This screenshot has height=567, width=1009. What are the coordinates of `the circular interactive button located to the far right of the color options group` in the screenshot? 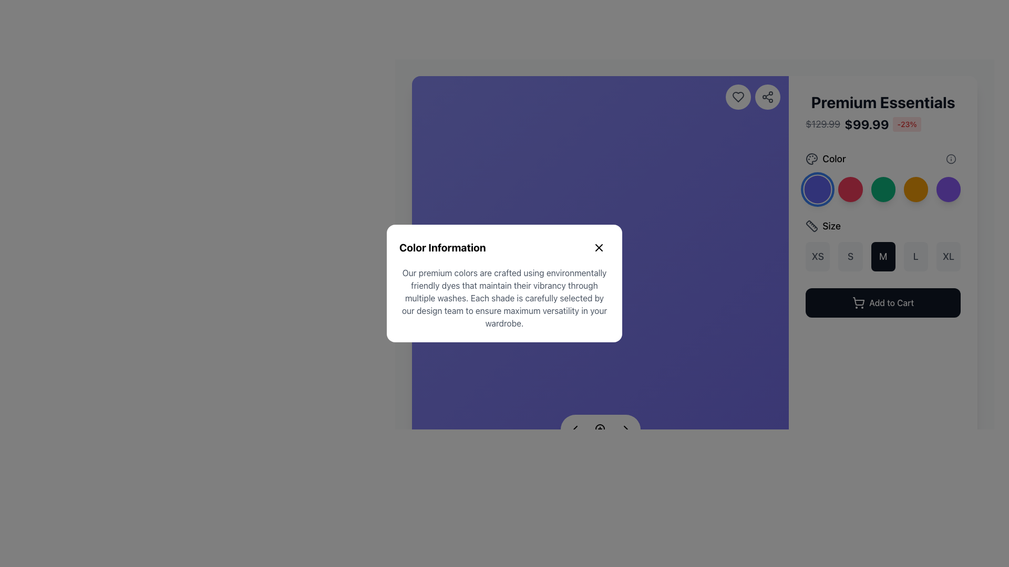 It's located at (948, 190).